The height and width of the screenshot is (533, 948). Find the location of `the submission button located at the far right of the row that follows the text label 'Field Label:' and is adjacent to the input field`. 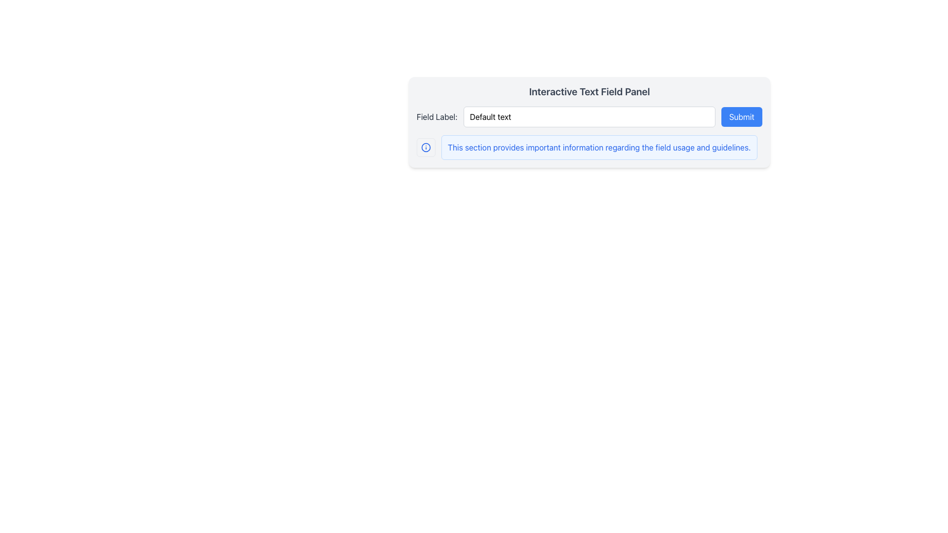

the submission button located at the far right of the row that follows the text label 'Field Label:' and is adjacent to the input field is located at coordinates (742, 116).